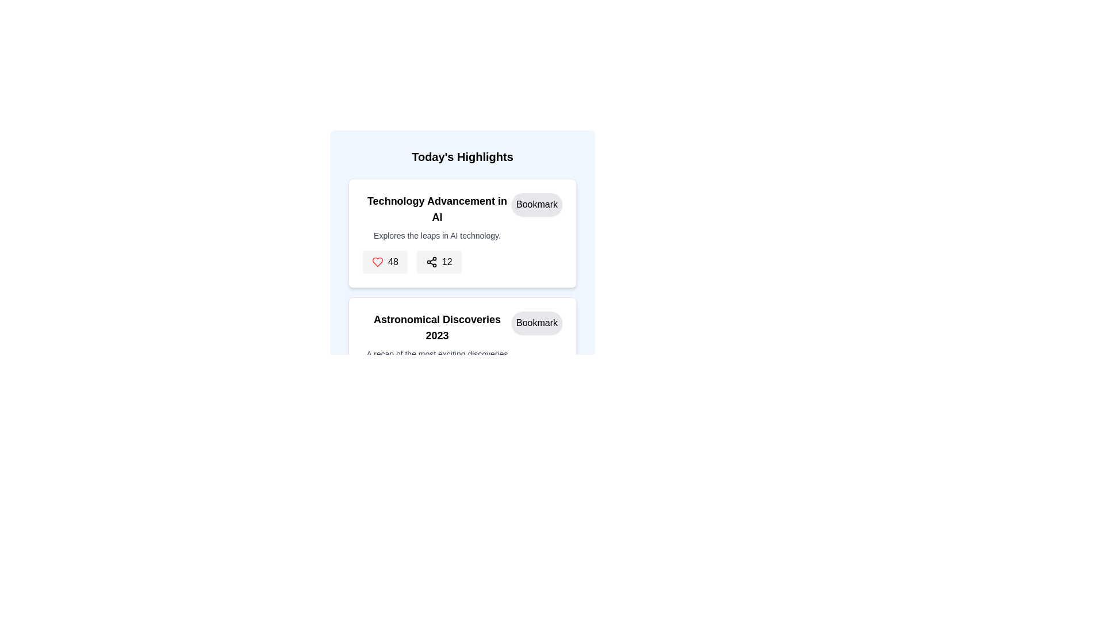  What do you see at coordinates (462, 235) in the screenshot?
I see `the first informational card titled 'Technology Advancement in AI'` at bounding box center [462, 235].